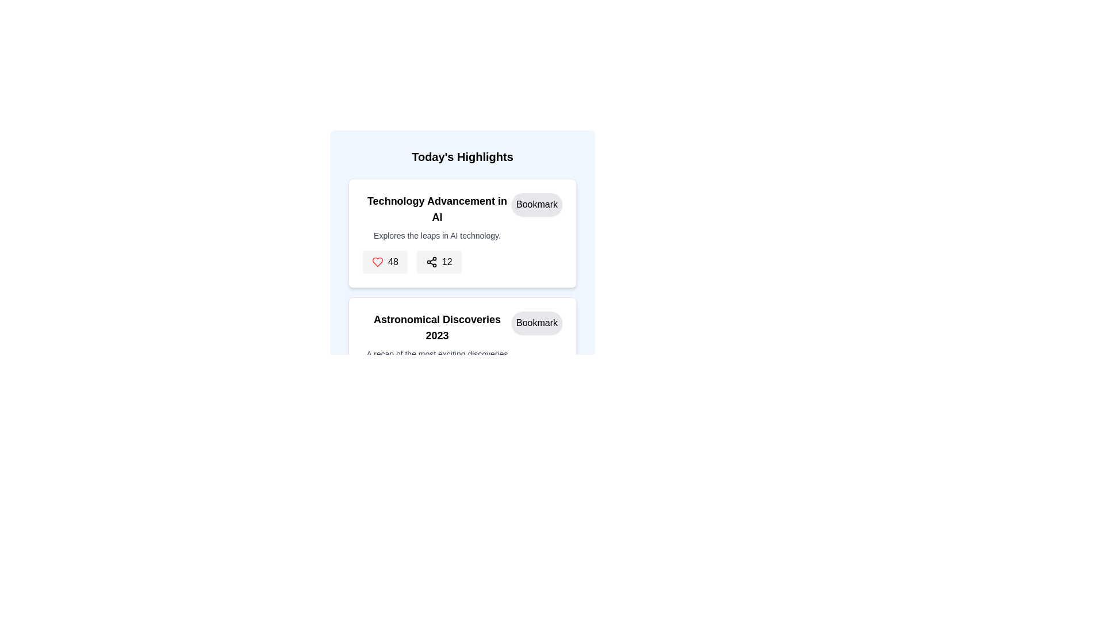  What do you see at coordinates (462, 235) in the screenshot?
I see `the first informational card titled 'Technology Advancement in AI'` at bounding box center [462, 235].